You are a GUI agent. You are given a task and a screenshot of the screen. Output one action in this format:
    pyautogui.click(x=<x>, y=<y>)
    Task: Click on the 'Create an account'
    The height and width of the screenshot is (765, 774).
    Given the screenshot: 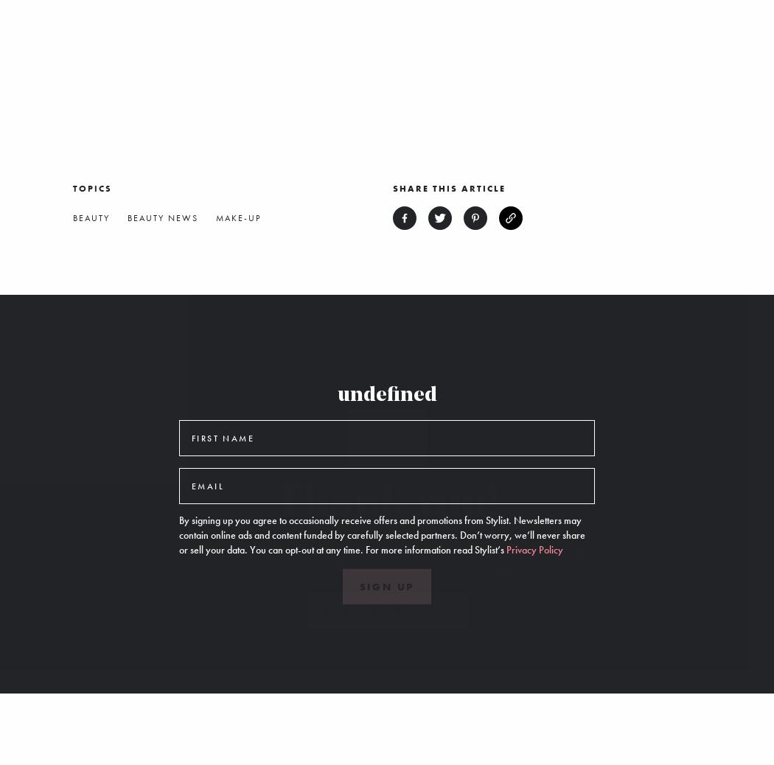 What is the action you would take?
    pyautogui.click(x=386, y=611)
    